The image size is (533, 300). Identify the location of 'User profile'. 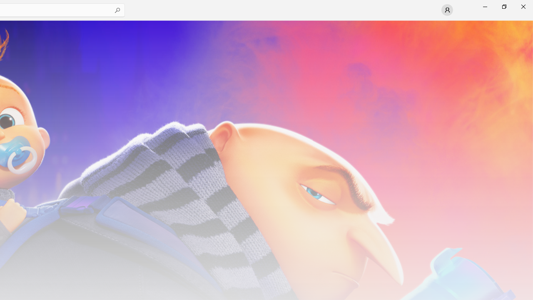
(446, 10).